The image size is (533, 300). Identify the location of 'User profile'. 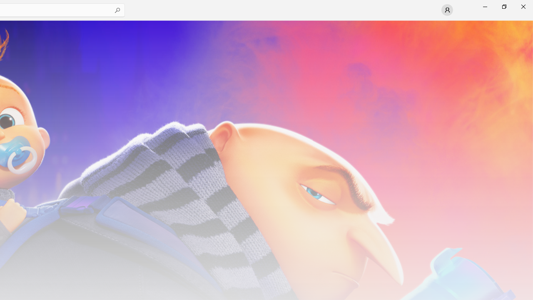
(446, 10).